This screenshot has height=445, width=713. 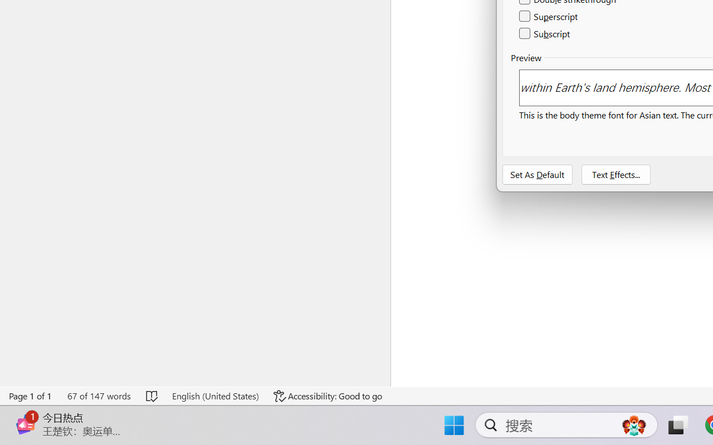 What do you see at coordinates (549, 17) in the screenshot?
I see `'Superscript'` at bounding box center [549, 17].